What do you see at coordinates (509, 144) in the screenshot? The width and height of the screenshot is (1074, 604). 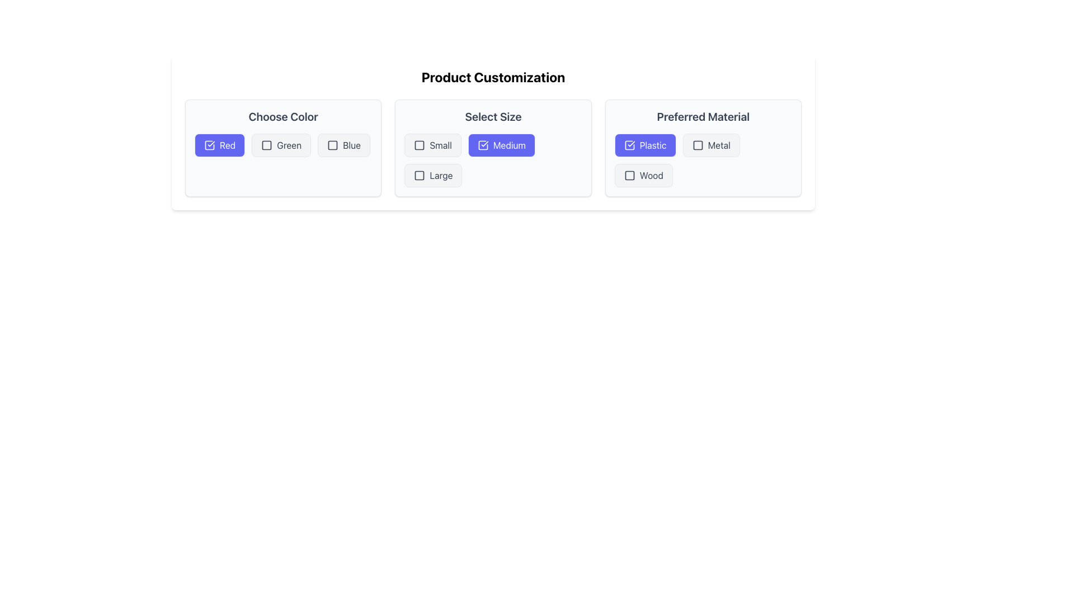 I see `the 'Medium' size label located in the 'Select Size' section, positioned to the right of the checkbox icon for selecting the 'Medium' size` at bounding box center [509, 144].